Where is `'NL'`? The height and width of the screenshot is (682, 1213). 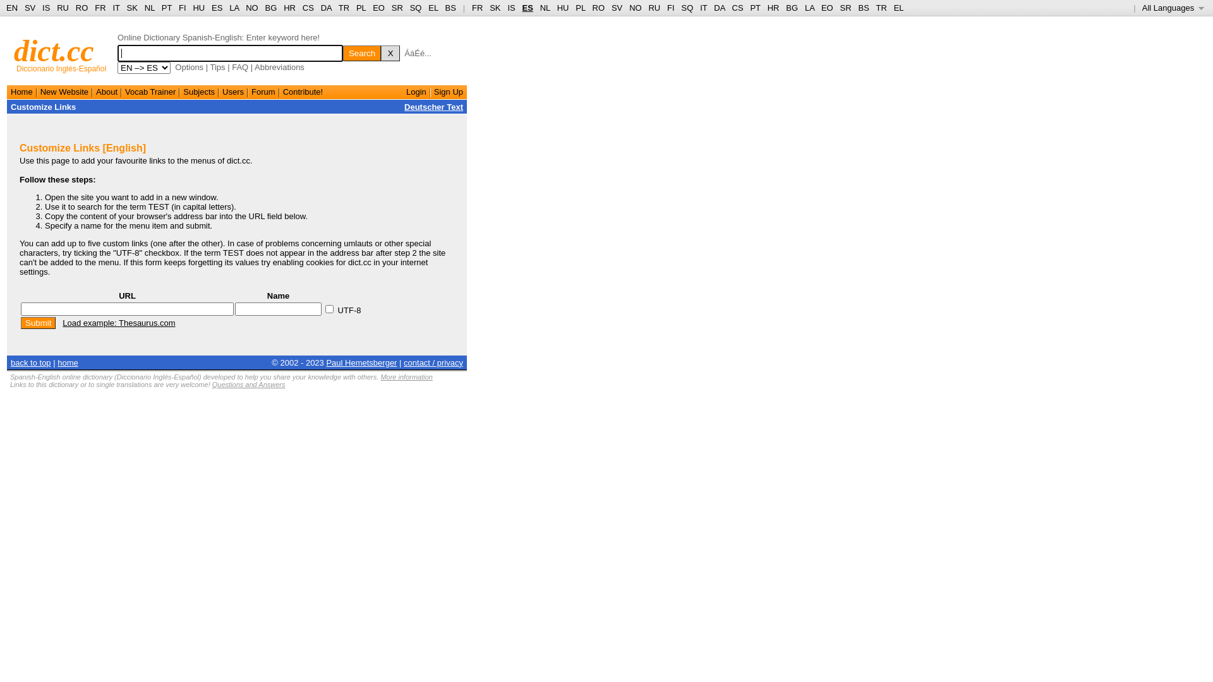
'NL' is located at coordinates (545, 8).